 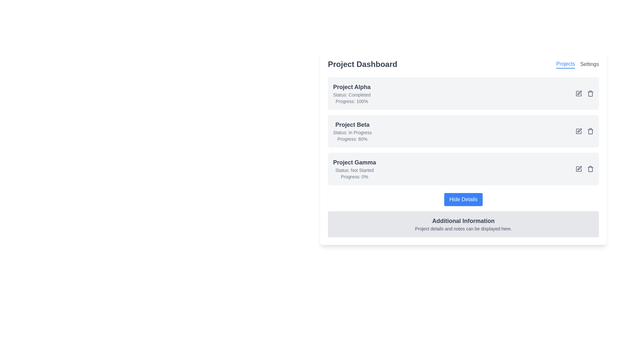 What do you see at coordinates (351, 101) in the screenshot?
I see `the static text label displaying 'Progress: 100%' which is styled with a small font size and gray color, positioned below 'Status: Completed' and above the next project section` at bounding box center [351, 101].